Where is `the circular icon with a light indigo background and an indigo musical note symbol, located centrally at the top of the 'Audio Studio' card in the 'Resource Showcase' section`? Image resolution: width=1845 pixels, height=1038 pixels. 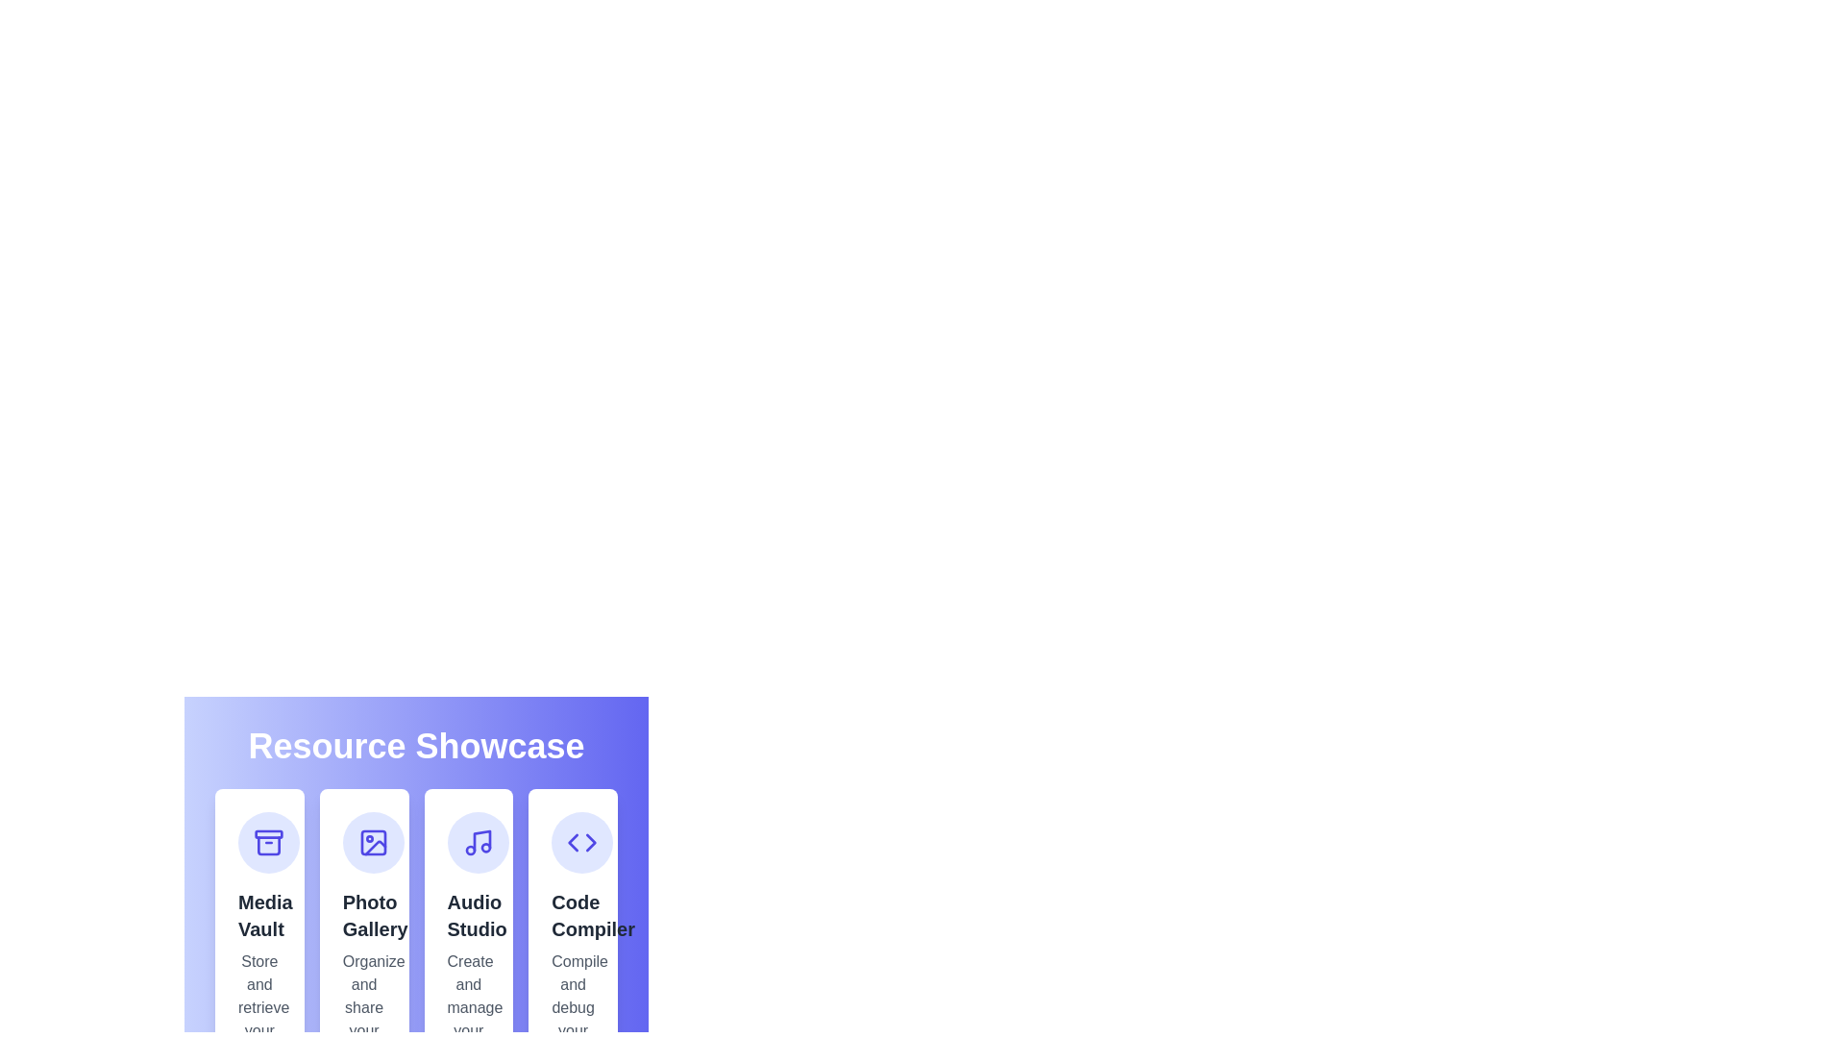
the circular icon with a light indigo background and an indigo musical note symbol, located centrally at the top of the 'Audio Studio' card in the 'Resource Showcase' section is located at coordinates (478, 841).